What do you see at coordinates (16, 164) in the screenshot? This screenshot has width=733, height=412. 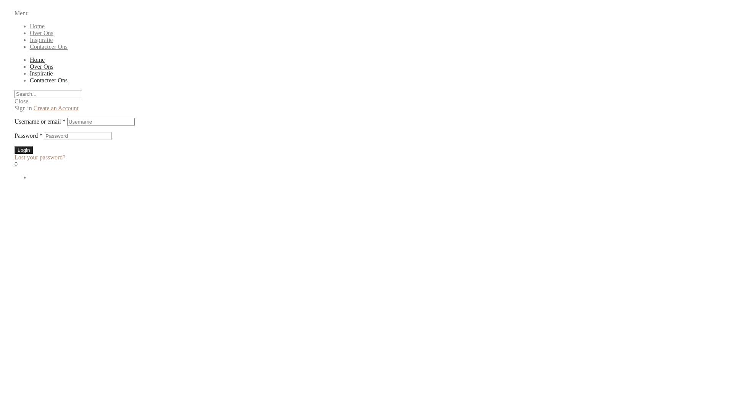 I see `'0'` at bounding box center [16, 164].